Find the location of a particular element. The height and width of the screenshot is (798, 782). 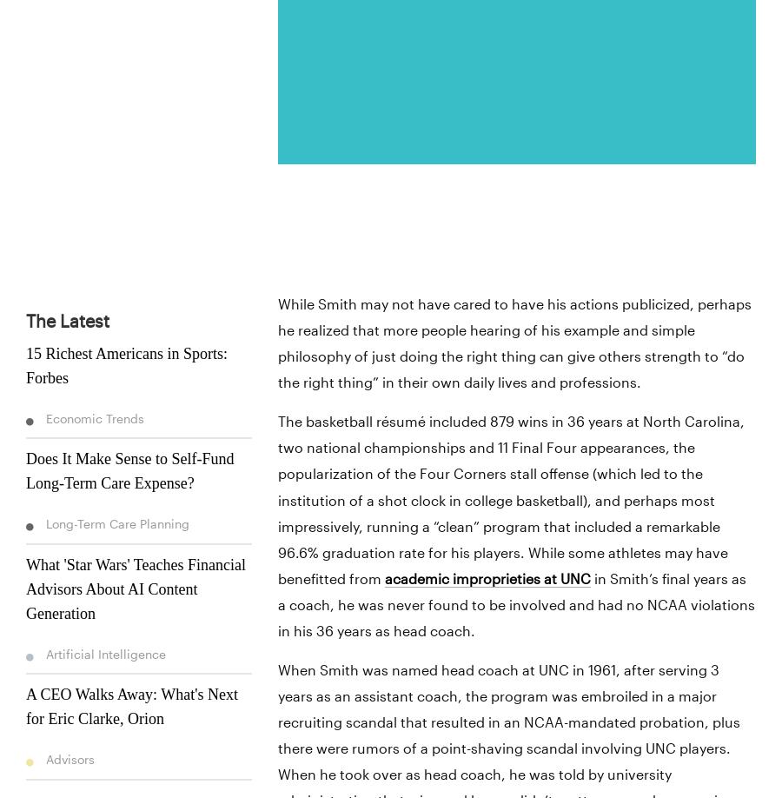

'Does It Make Sense to Self-Fund Long-Term Care Expense?' is located at coordinates (129, 470).